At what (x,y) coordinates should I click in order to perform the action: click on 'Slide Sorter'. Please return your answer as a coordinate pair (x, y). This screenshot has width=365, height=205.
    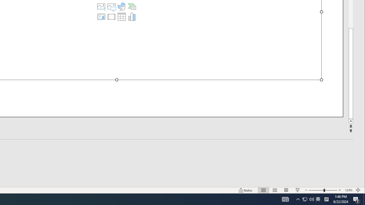
    Looking at the image, I should click on (275, 190).